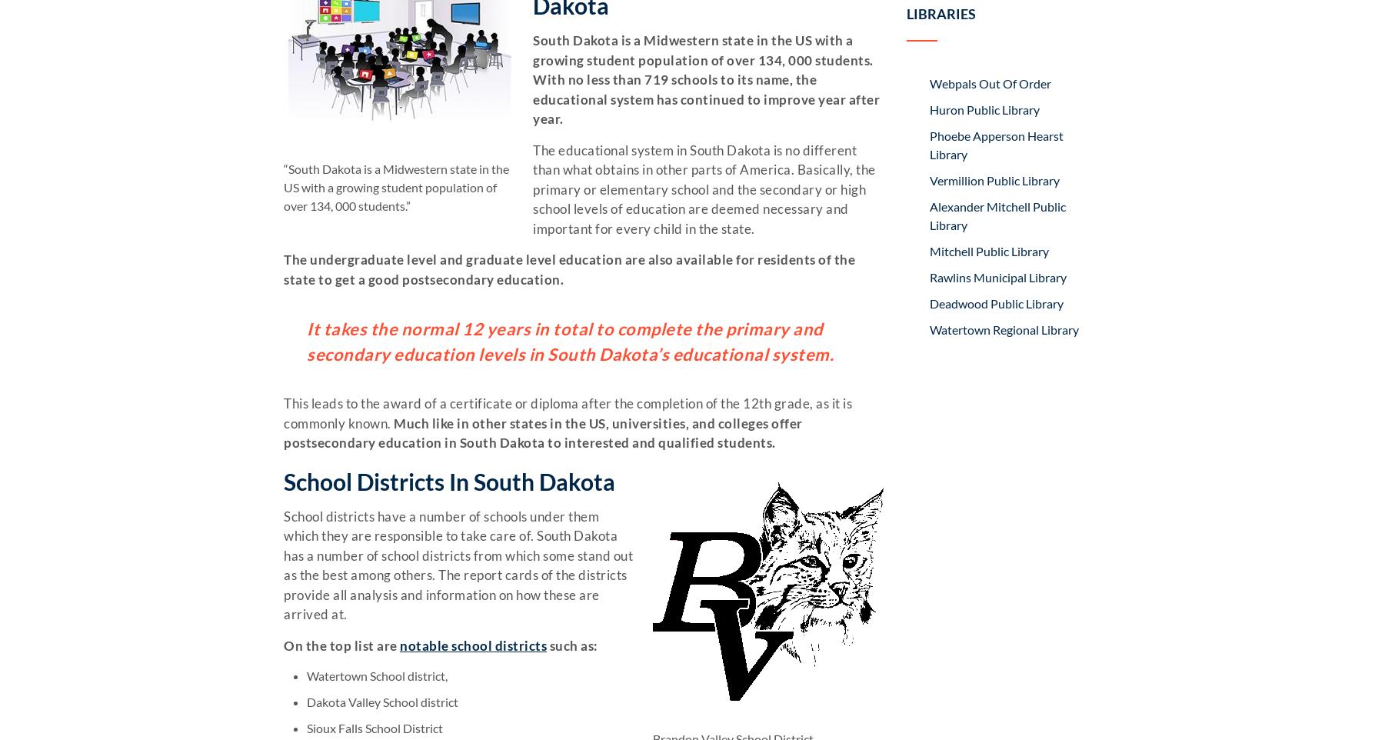  What do you see at coordinates (283, 565) in the screenshot?
I see `'School districts have a number of schools under them which they are responsible to take care of. South Dakota has a number of school districts from which some stand out as the best among others. The report cards of the districts provide all analysis and information on how these are arrived at.'` at bounding box center [283, 565].